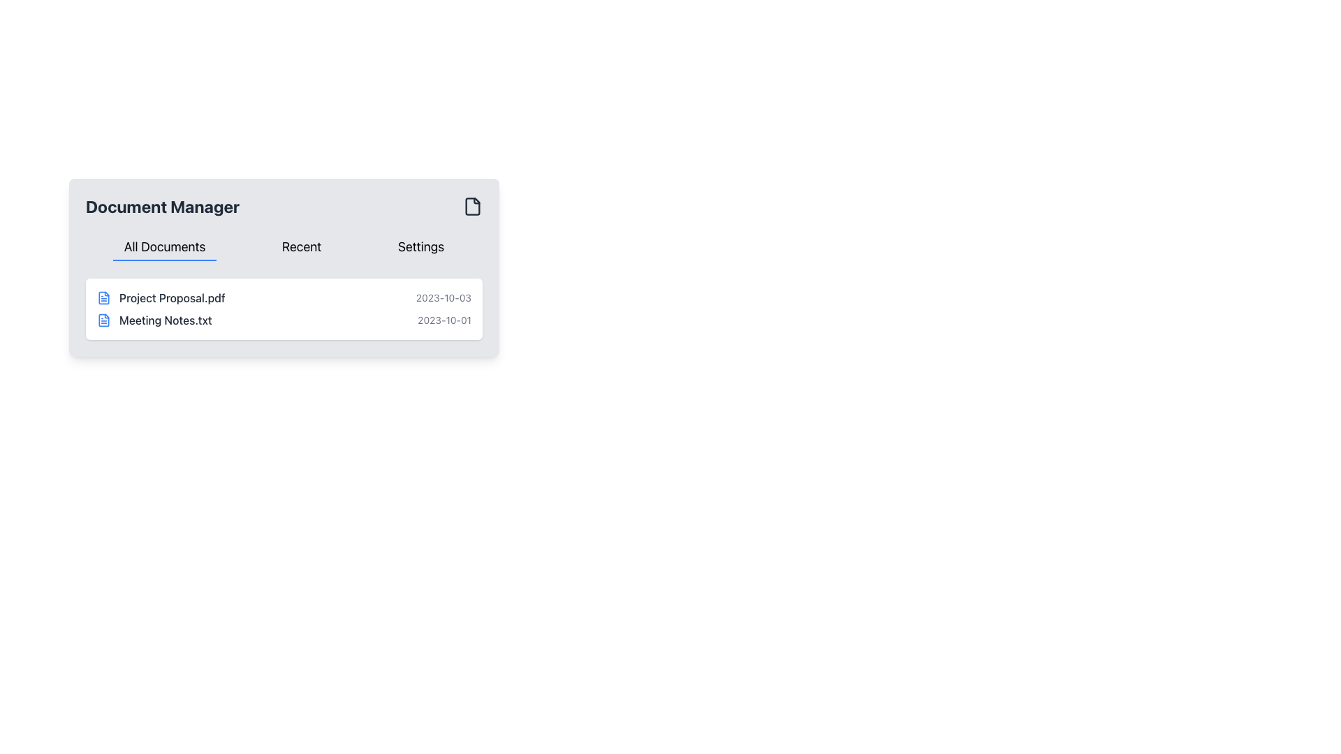 The height and width of the screenshot is (754, 1341). What do you see at coordinates (171, 297) in the screenshot?
I see `the text label representing the first file name` at bounding box center [171, 297].